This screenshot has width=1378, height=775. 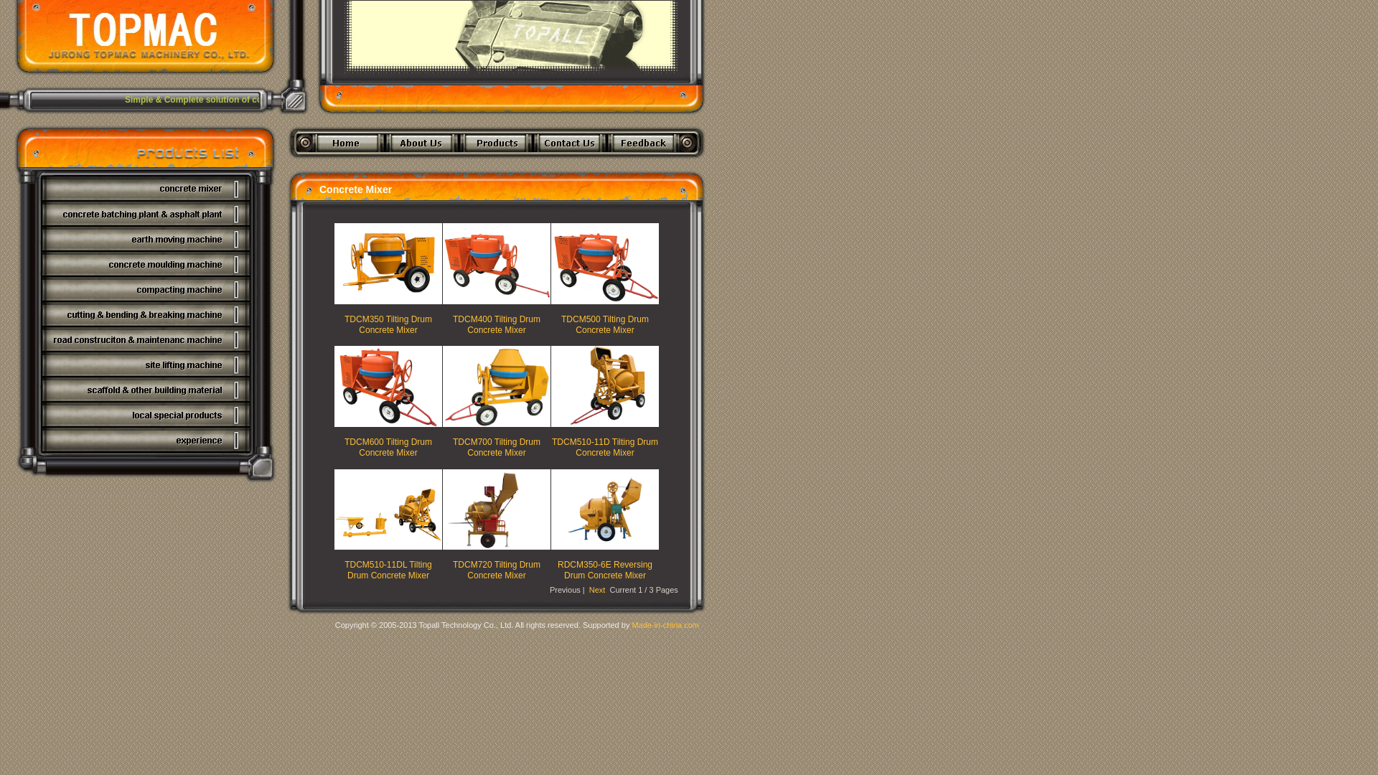 I want to click on 'ralph lauren outlet online', so click(x=398, y=165).